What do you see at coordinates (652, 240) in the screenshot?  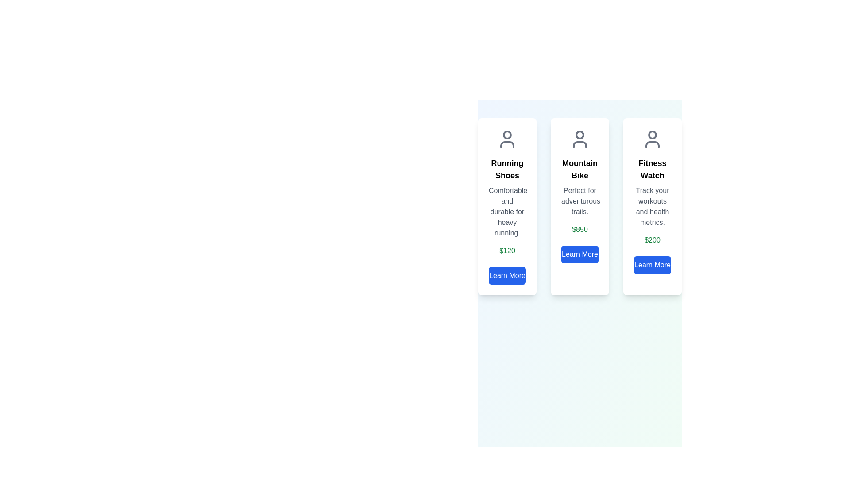 I see `the price text label of the fitness watch, which is located in the third card on the right, above the 'Learn More' button and below the description text 'Track your workouts and health metrics.'` at bounding box center [652, 240].